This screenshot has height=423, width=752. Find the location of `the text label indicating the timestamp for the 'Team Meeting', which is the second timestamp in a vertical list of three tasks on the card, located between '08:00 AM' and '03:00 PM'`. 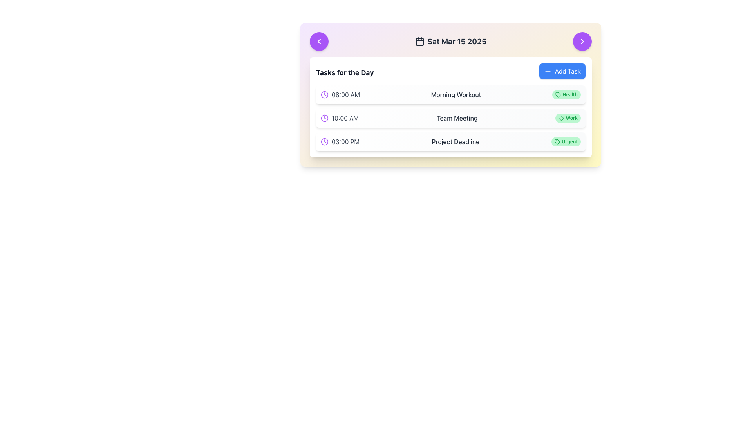

the text label indicating the timestamp for the 'Team Meeting', which is the second timestamp in a vertical list of three tasks on the card, located between '08:00 AM' and '03:00 PM' is located at coordinates (345, 118).